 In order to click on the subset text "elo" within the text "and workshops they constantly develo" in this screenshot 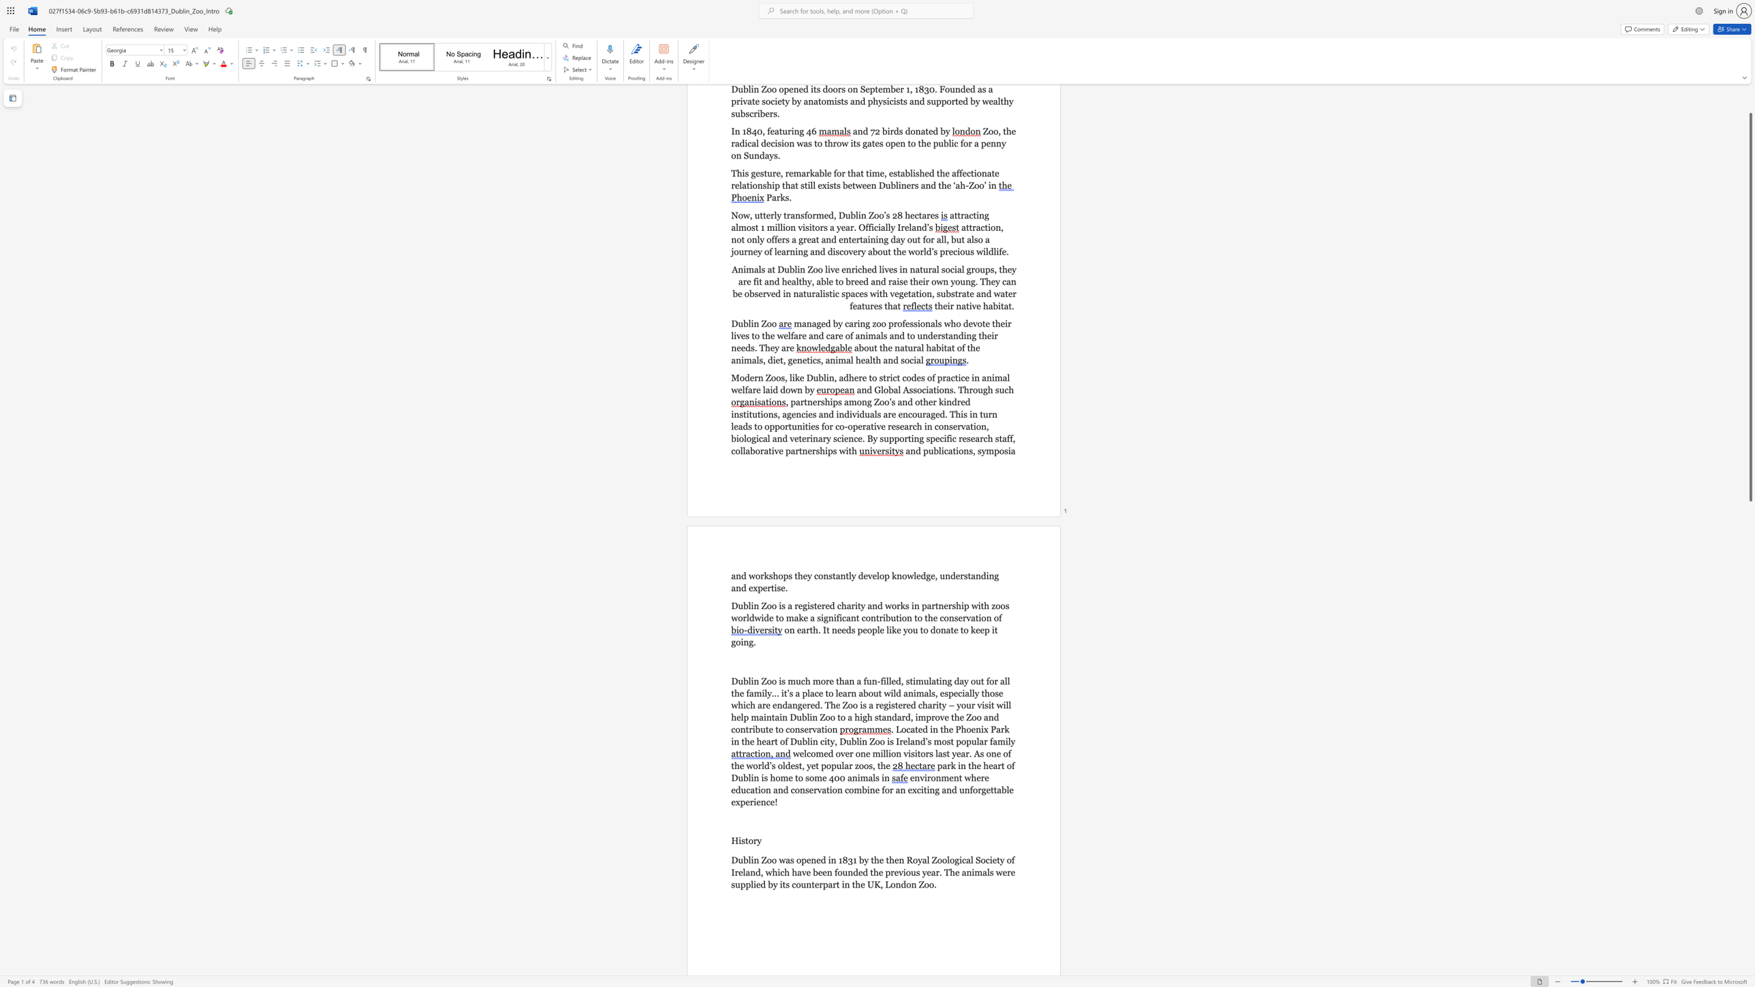, I will do `click(871, 576)`.